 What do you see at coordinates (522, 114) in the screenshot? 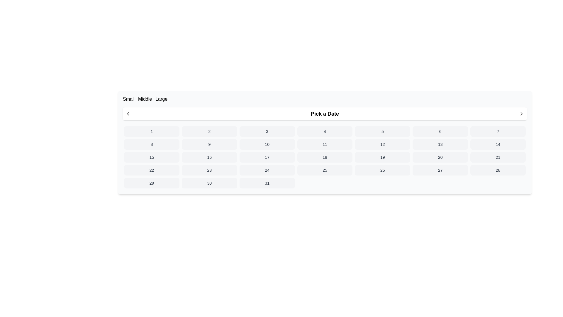
I see `the SVG-based chevron icon located in the top-right corner of the date-picker interface, which is likely used for navigation to the next month` at bounding box center [522, 114].